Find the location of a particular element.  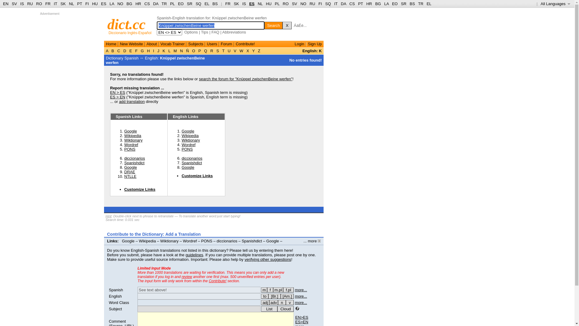

'Options' is located at coordinates (184, 32).